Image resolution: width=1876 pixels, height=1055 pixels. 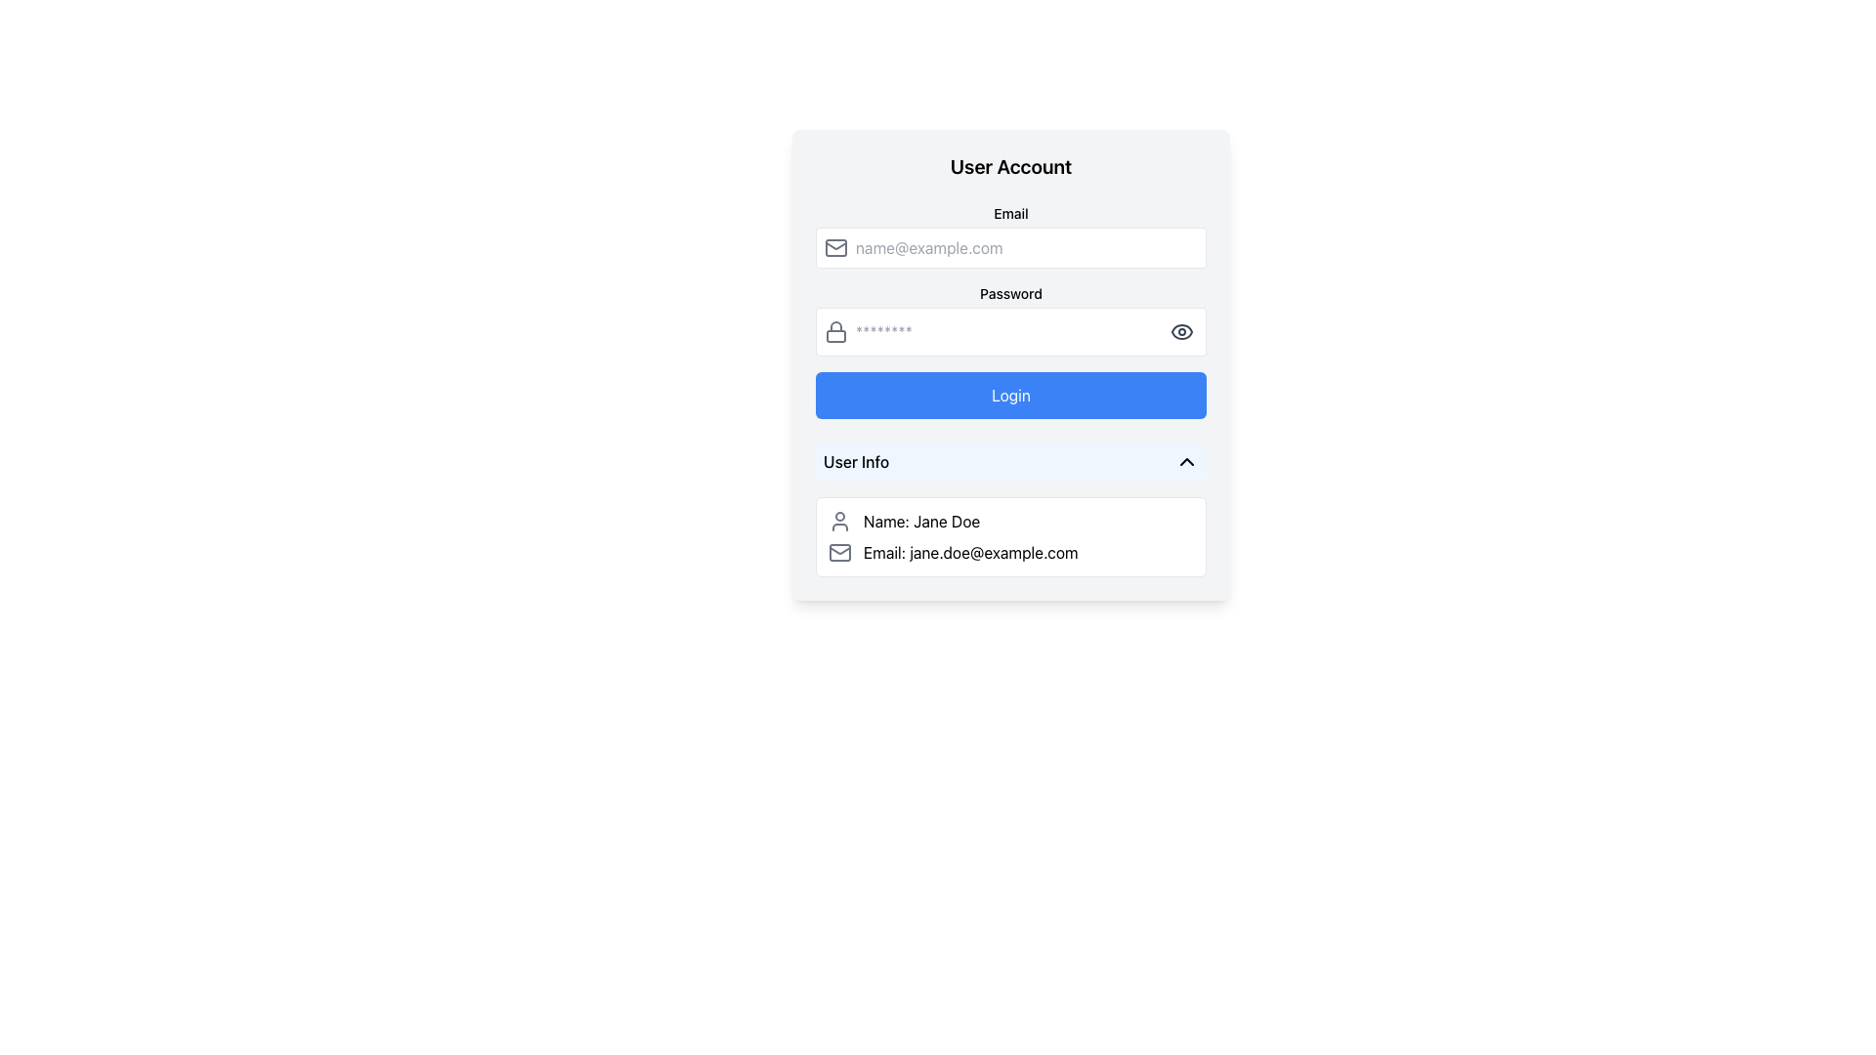 I want to click on the prominently styled 'Login' button with a blue background, so click(x=1011, y=396).